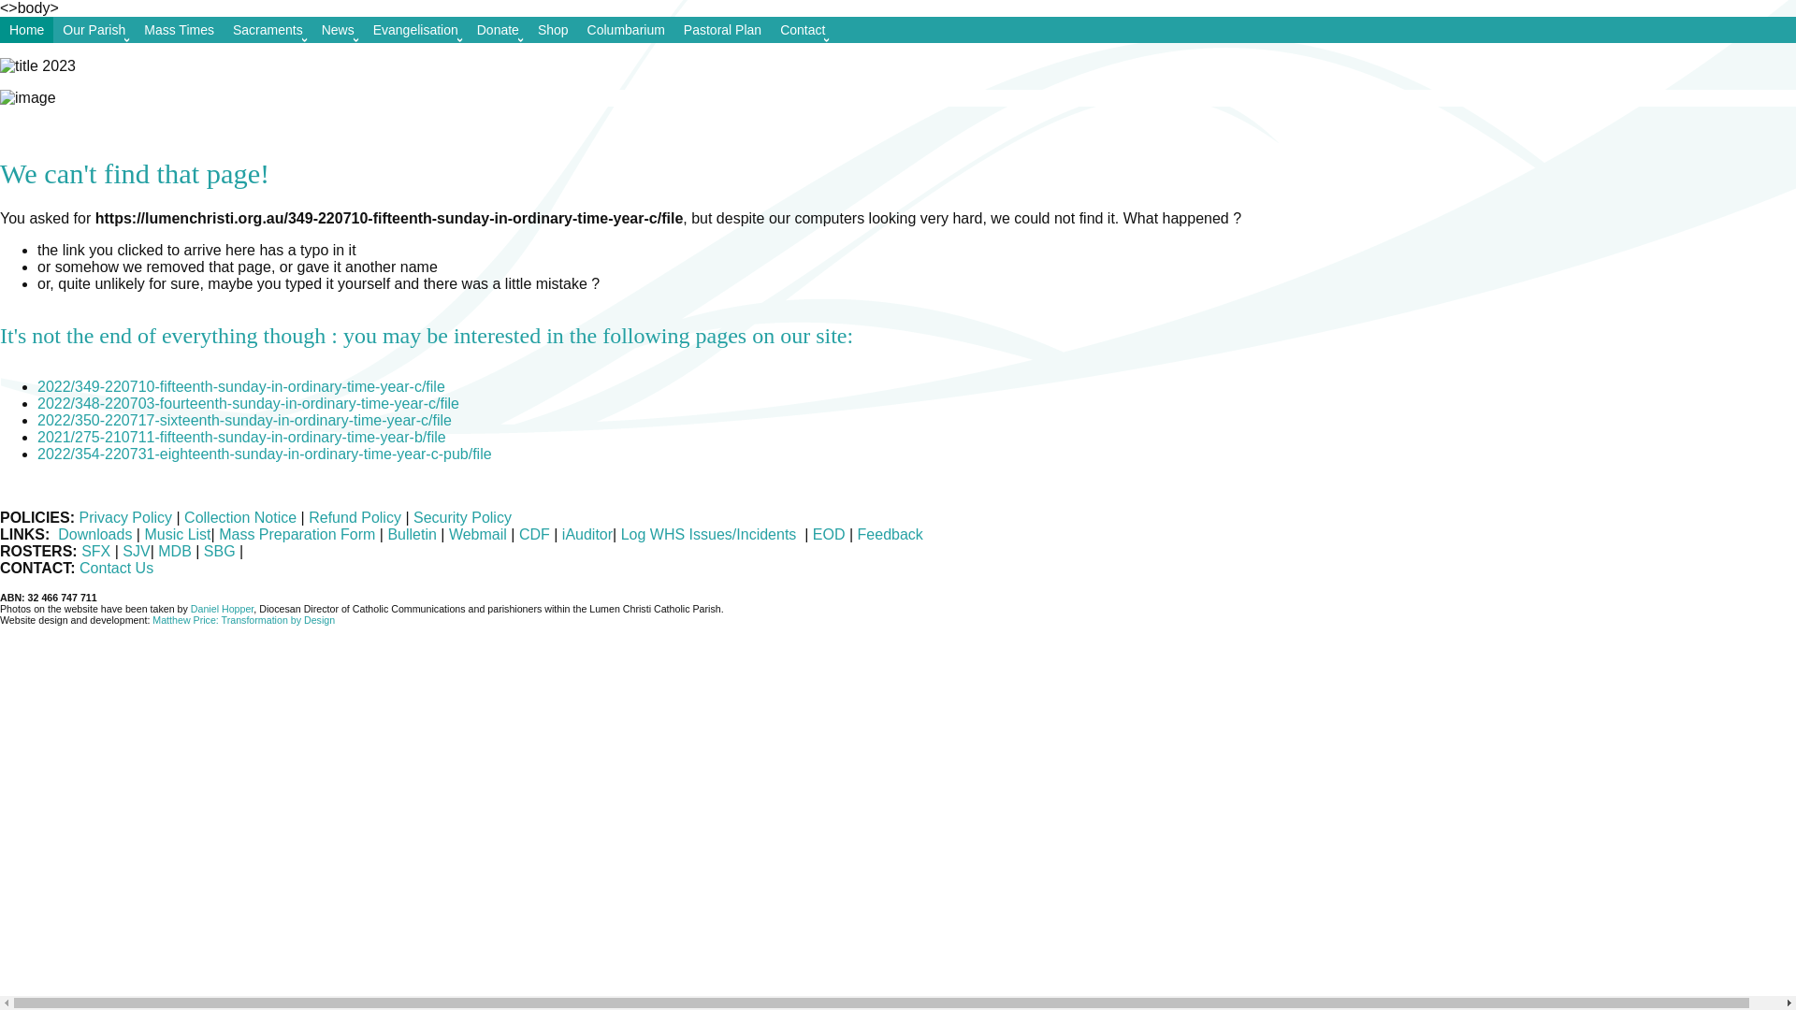  What do you see at coordinates (124, 517) in the screenshot?
I see `'Privacy Policy'` at bounding box center [124, 517].